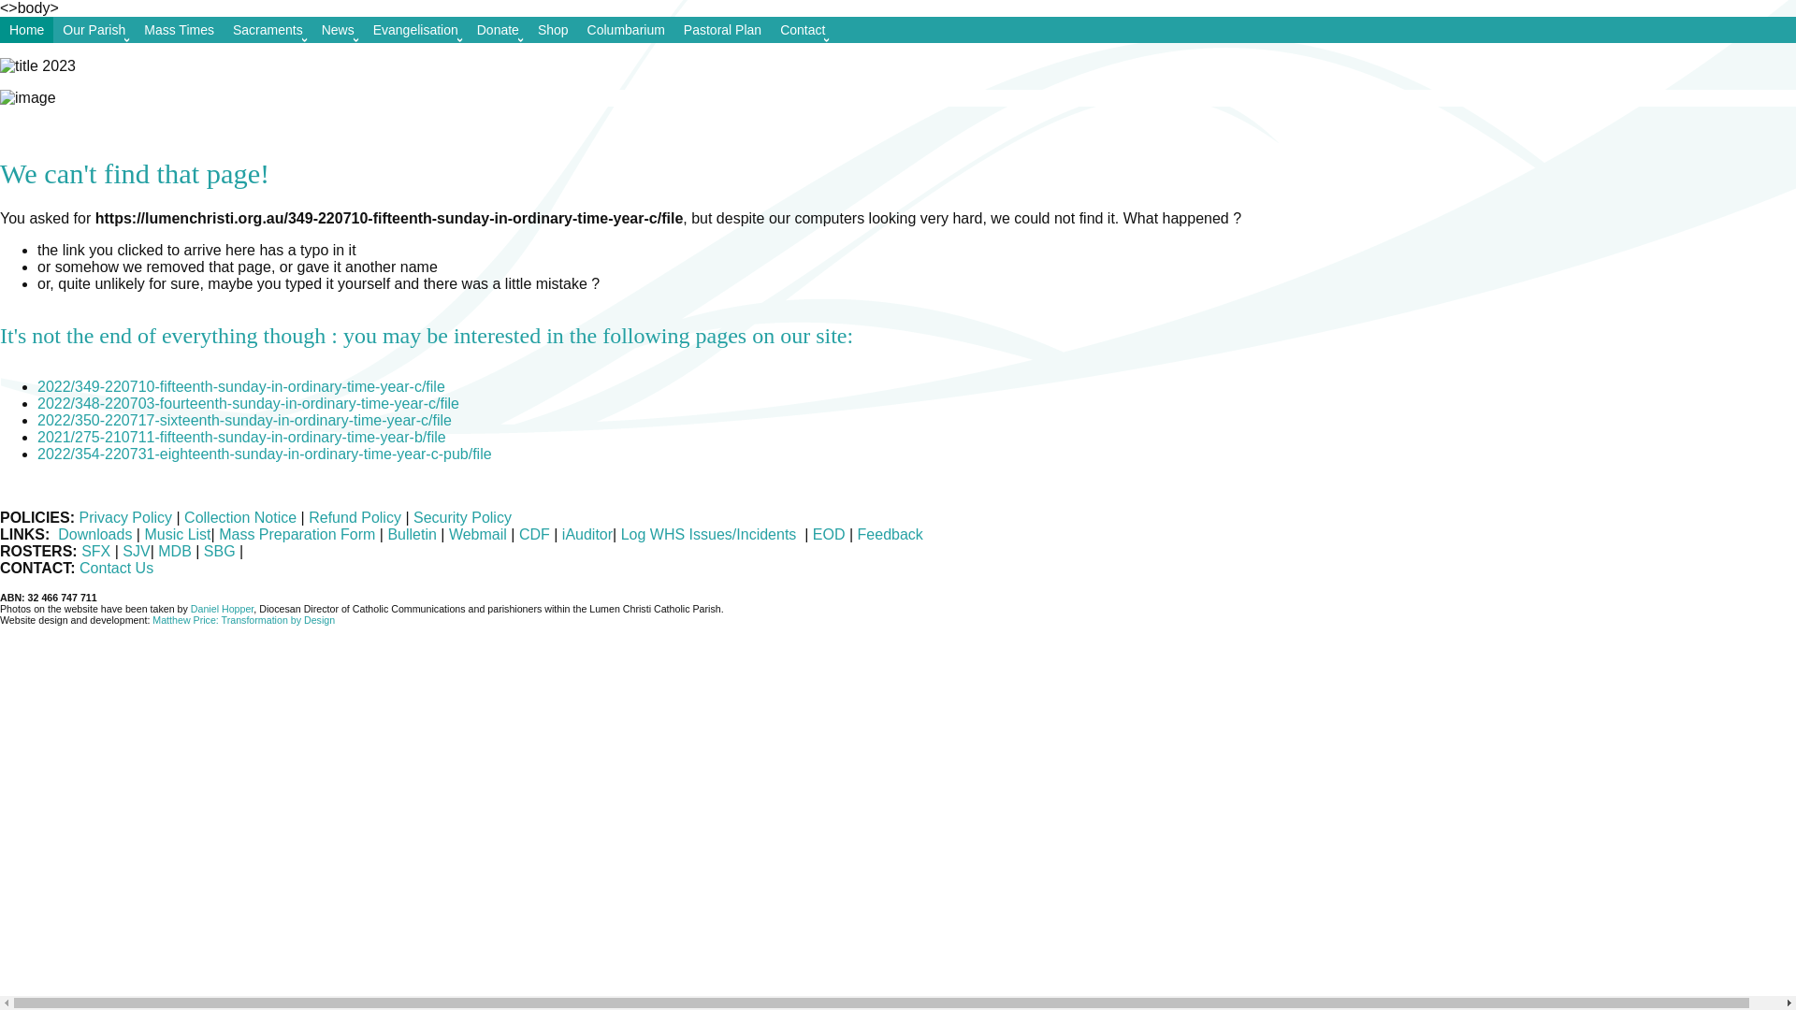  What do you see at coordinates (124, 517) in the screenshot?
I see `'Privacy Policy'` at bounding box center [124, 517].